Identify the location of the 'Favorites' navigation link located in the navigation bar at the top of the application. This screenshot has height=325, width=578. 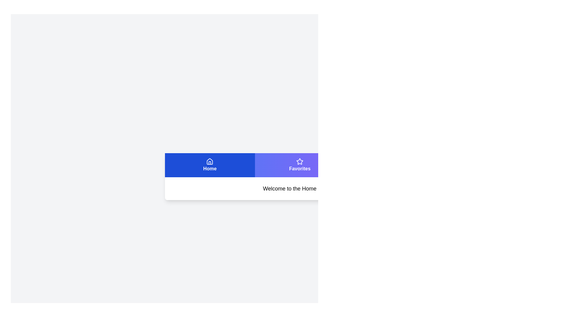
(300, 165).